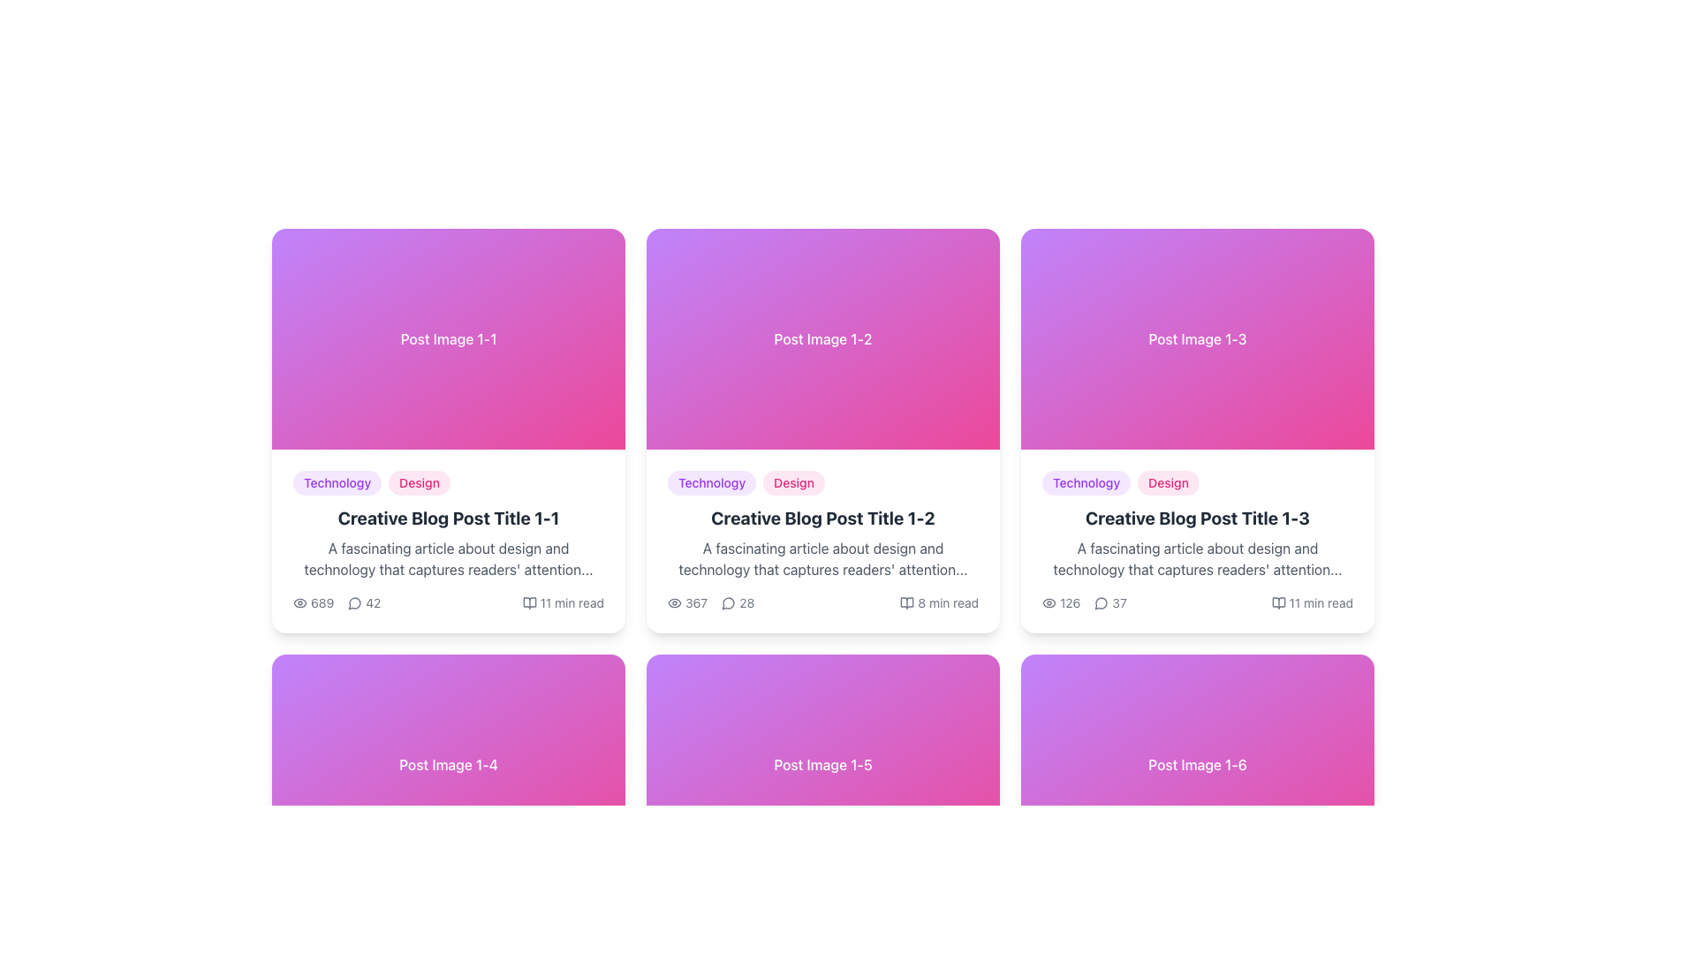 This screenshot has width=1696, height=954. Describe the element at coordinates (938, 602) in the screenshot. I see `the Read time indicator located in the bottom-right metadata section of the second card in the top row of the displayed grid layout` at that location.